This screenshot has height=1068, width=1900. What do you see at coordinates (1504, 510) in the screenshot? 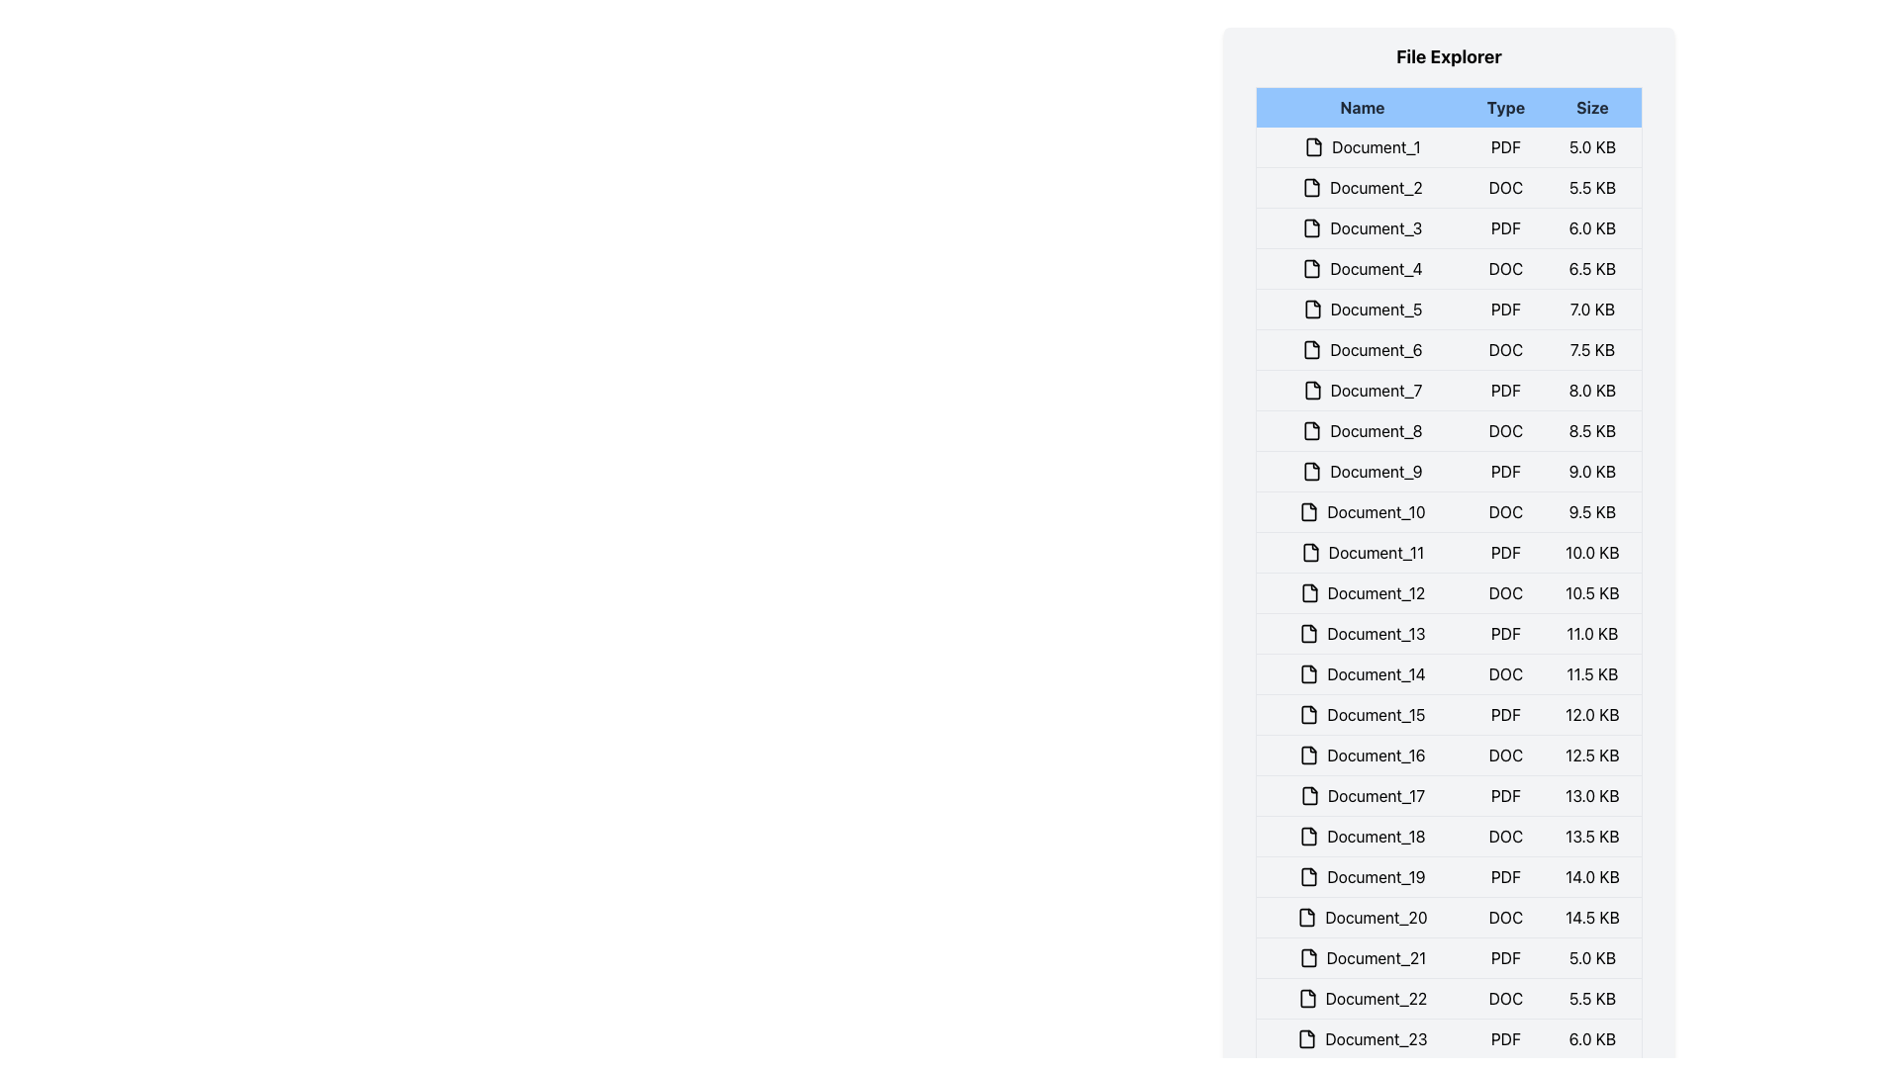
I see `the Text Label indicating the file type of the document for 'Document_10', located in the second column titled 'Type', positioned directly to the right of the document name` at bounding box center [1504, 510].